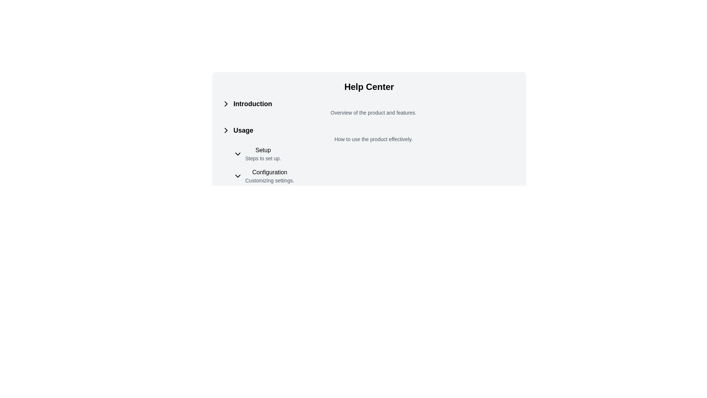  What do you see at coordinates (238, 176) in the screenshot?
I see `the downwards-pointing chevron icon button, which is styled with a thin black outline and located to the left of the 'Configuration' text` at bounding box center [238, 176].